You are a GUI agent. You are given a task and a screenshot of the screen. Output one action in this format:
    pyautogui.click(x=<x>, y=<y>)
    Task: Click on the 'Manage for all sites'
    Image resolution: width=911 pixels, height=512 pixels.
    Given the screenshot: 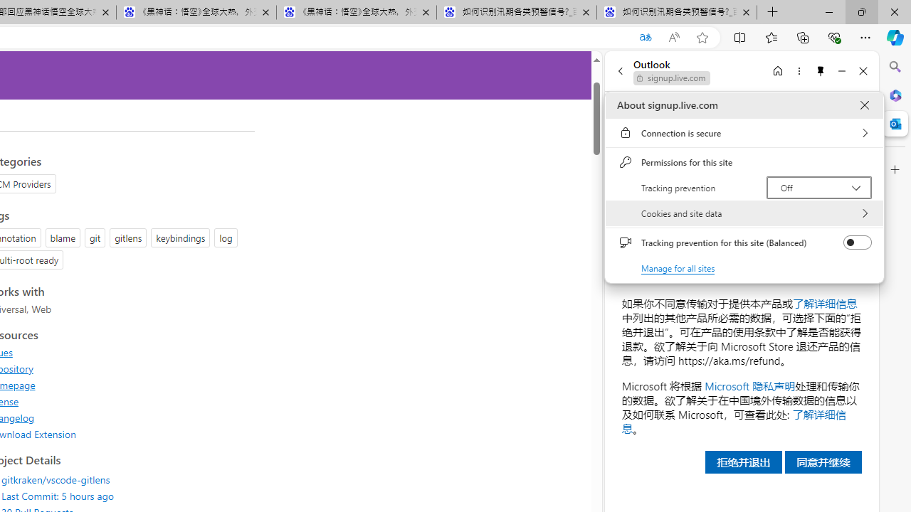 What is the action you would take?
    pyautogui.click(x=677, y=268)
    